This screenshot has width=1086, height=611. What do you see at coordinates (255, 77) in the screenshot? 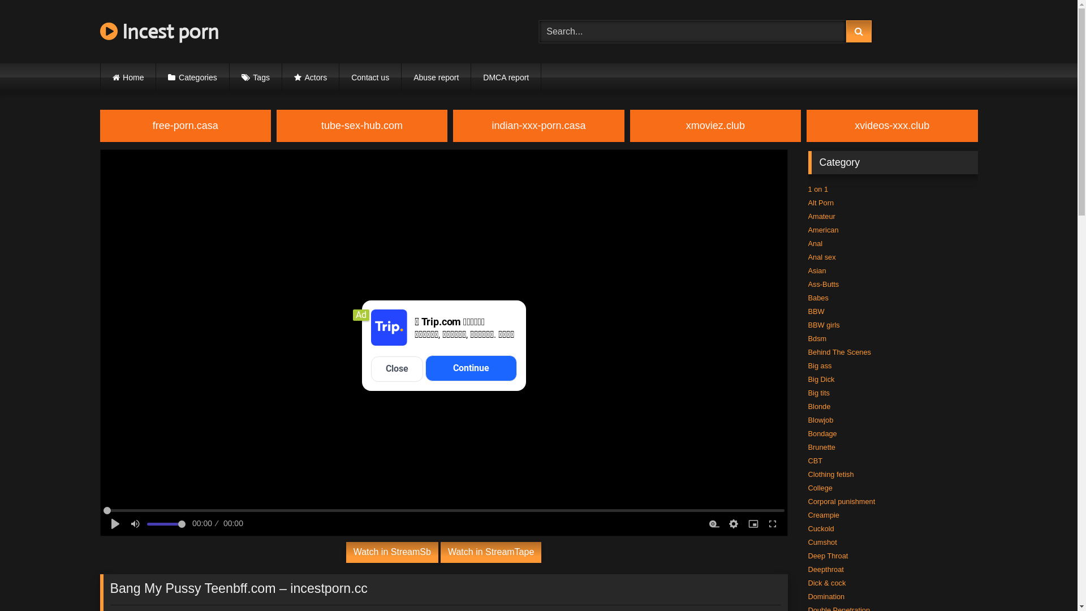
I see `'Tags'` at bounding box center [255, 77].